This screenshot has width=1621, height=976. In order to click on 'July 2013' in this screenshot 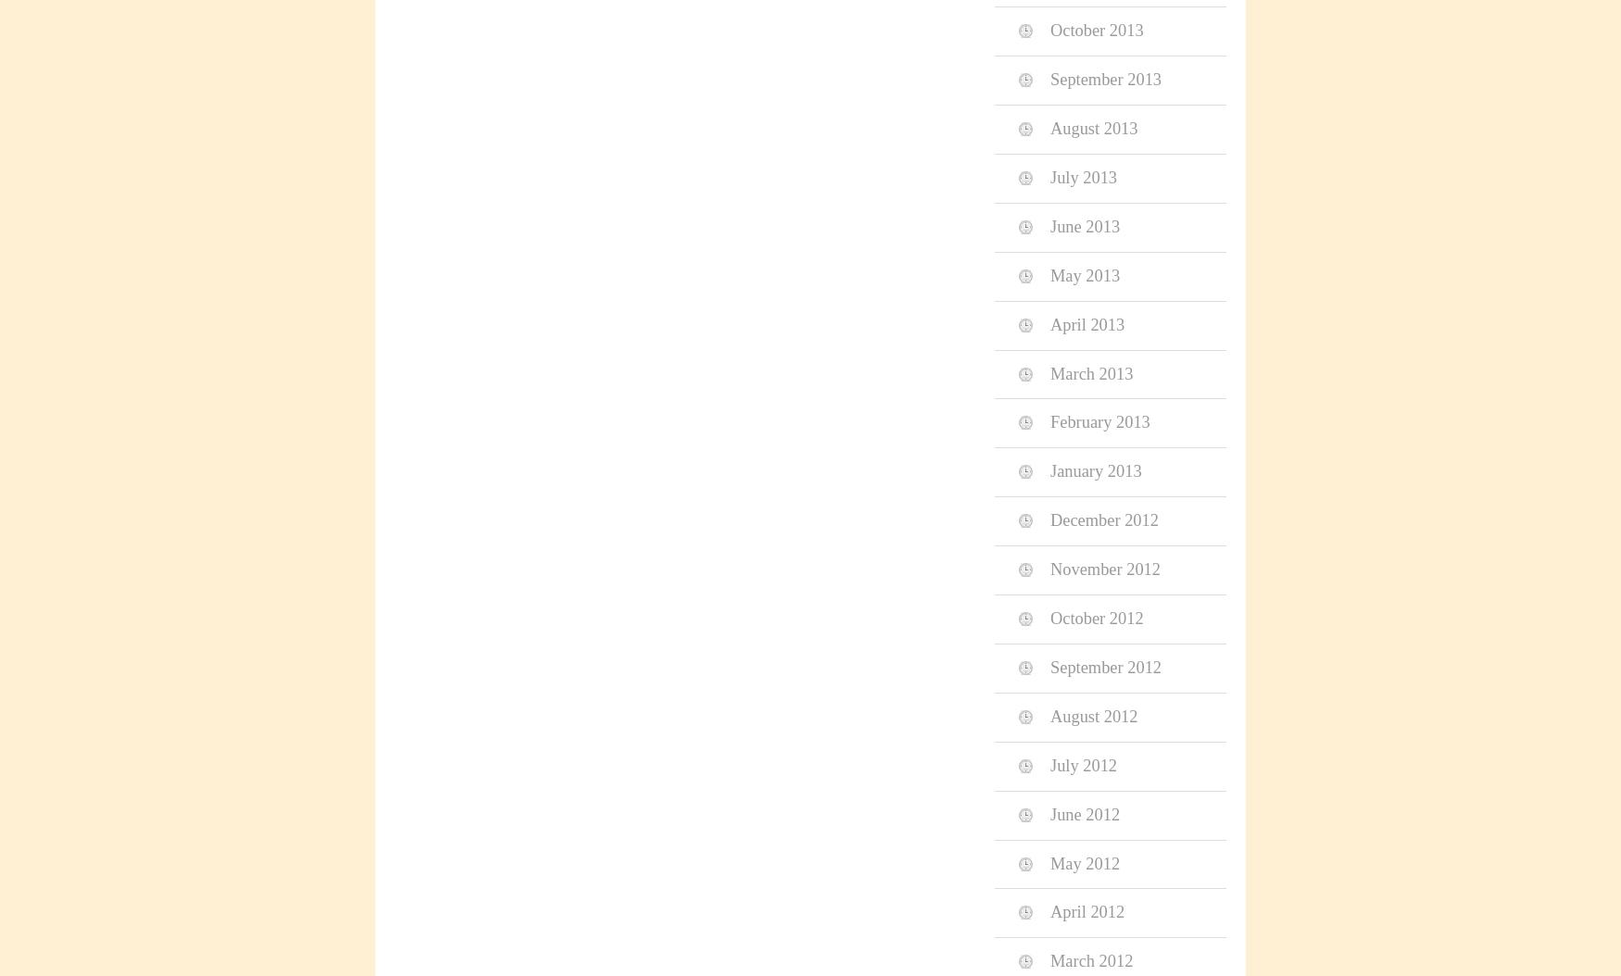, I will do `click(1083, 175)`.